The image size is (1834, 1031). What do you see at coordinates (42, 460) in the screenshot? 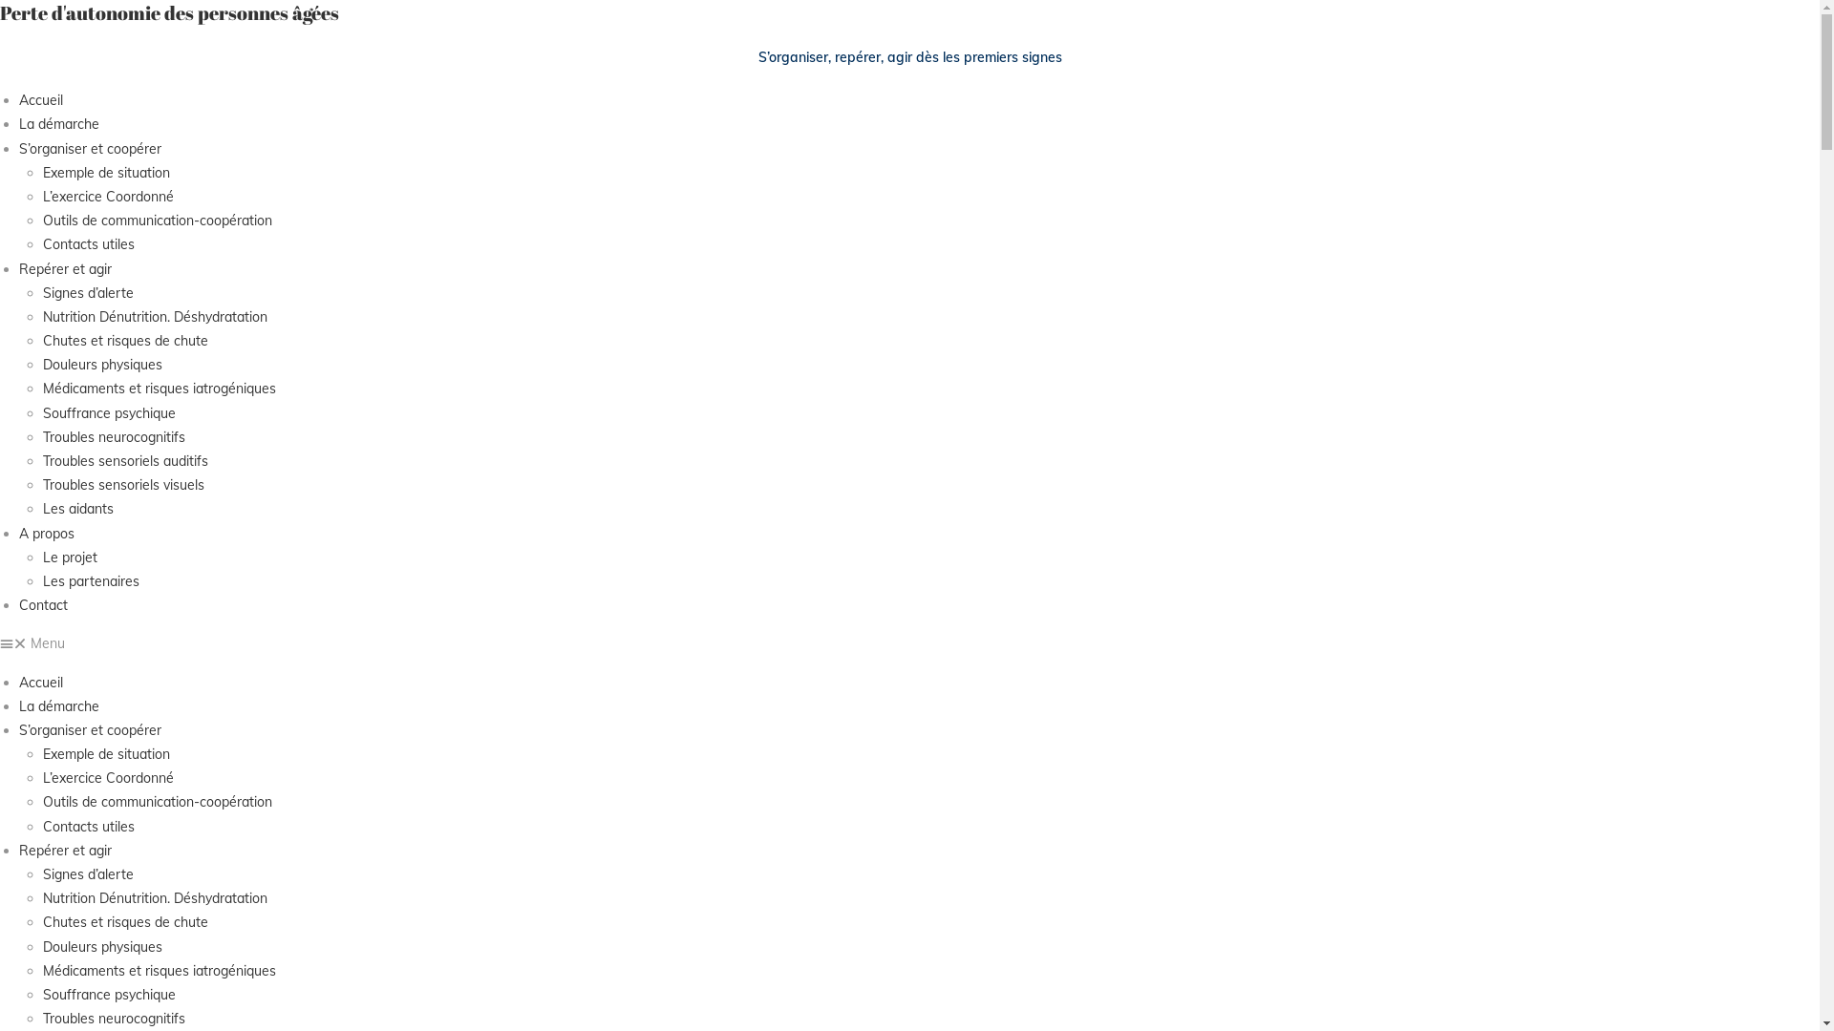
I see `'Troubles sensoriels auditifs'` at bounding box center [42, 460].